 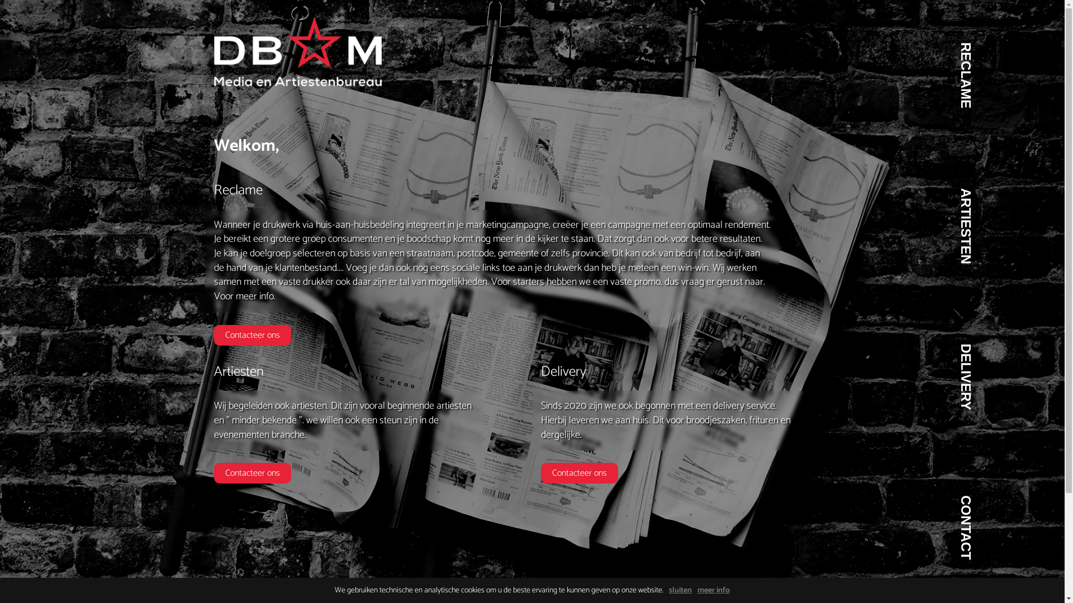 What do you see at coordinates (713, 590) in the screenshot?
I see `'meer info'` at bounding box center [713, 590].